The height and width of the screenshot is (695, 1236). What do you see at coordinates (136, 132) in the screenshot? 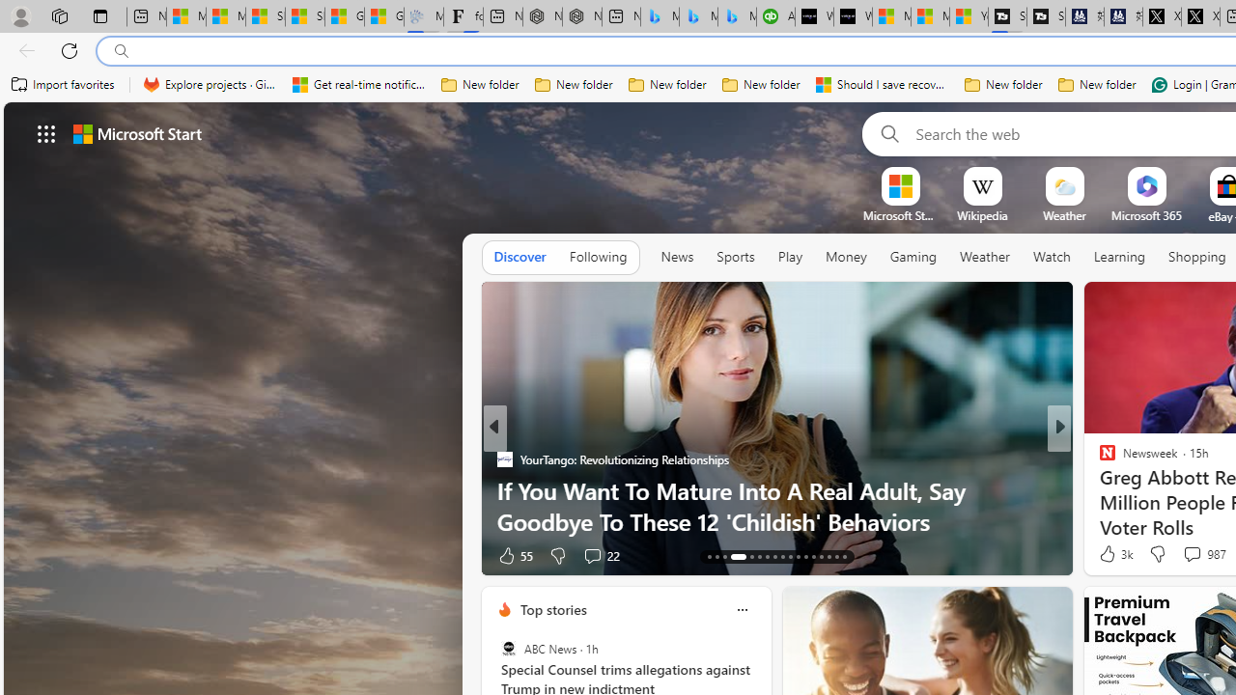
I see `'Microsoft start'` at bounding box center [136, 132].